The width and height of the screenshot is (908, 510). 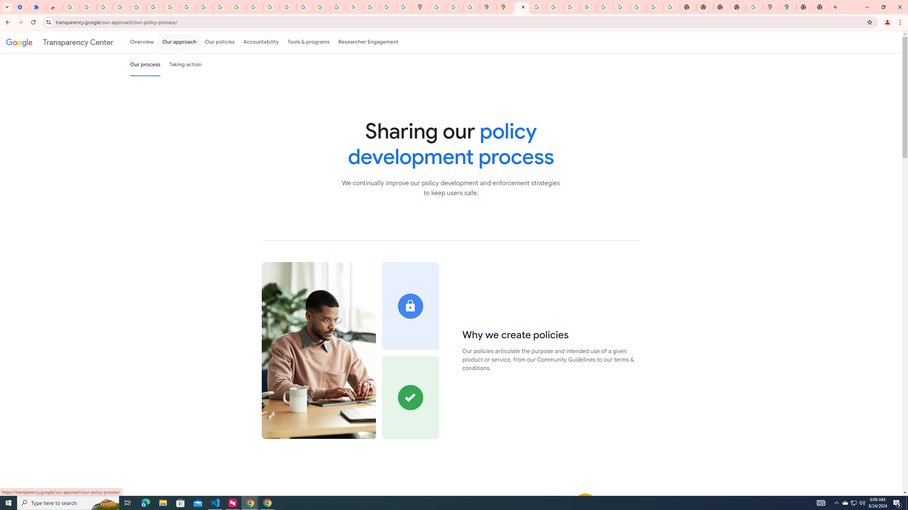 What do you see at coordinates (55, 7) in the screenshot?
I see `'Reviews: Helix Fruit Jump Arcade Game'` at bounding box center [55, 7].